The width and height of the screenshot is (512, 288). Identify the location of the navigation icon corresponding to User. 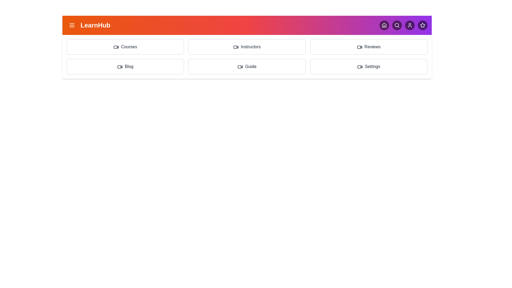
(409, 25).